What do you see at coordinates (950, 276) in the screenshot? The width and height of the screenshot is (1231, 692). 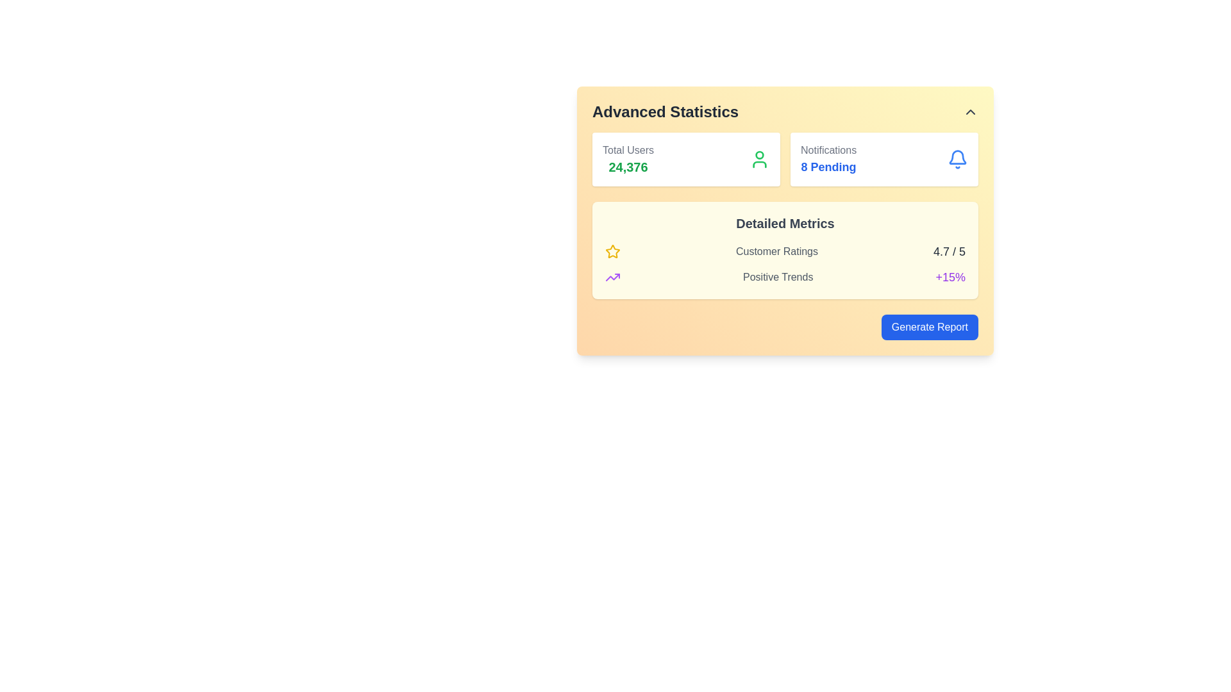 I see `the 'Positive Trends' text label that indicates growth or improvement in the corresponding metric, positioned at the far right of the row` at bounding box center [950, 276].